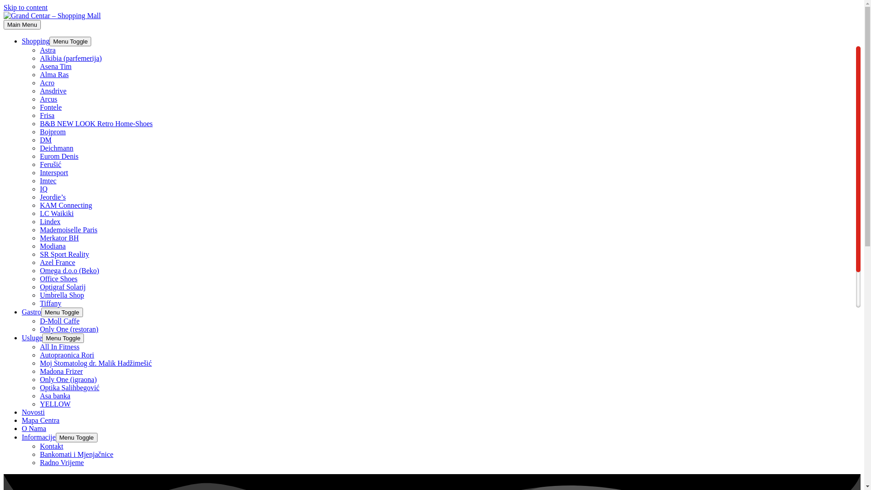 This screenshot has height=490, width=871. What do you see at coordinates (48, 99) in the screenshot?
I see `'Arcus'` at bounding box center [48, 99].